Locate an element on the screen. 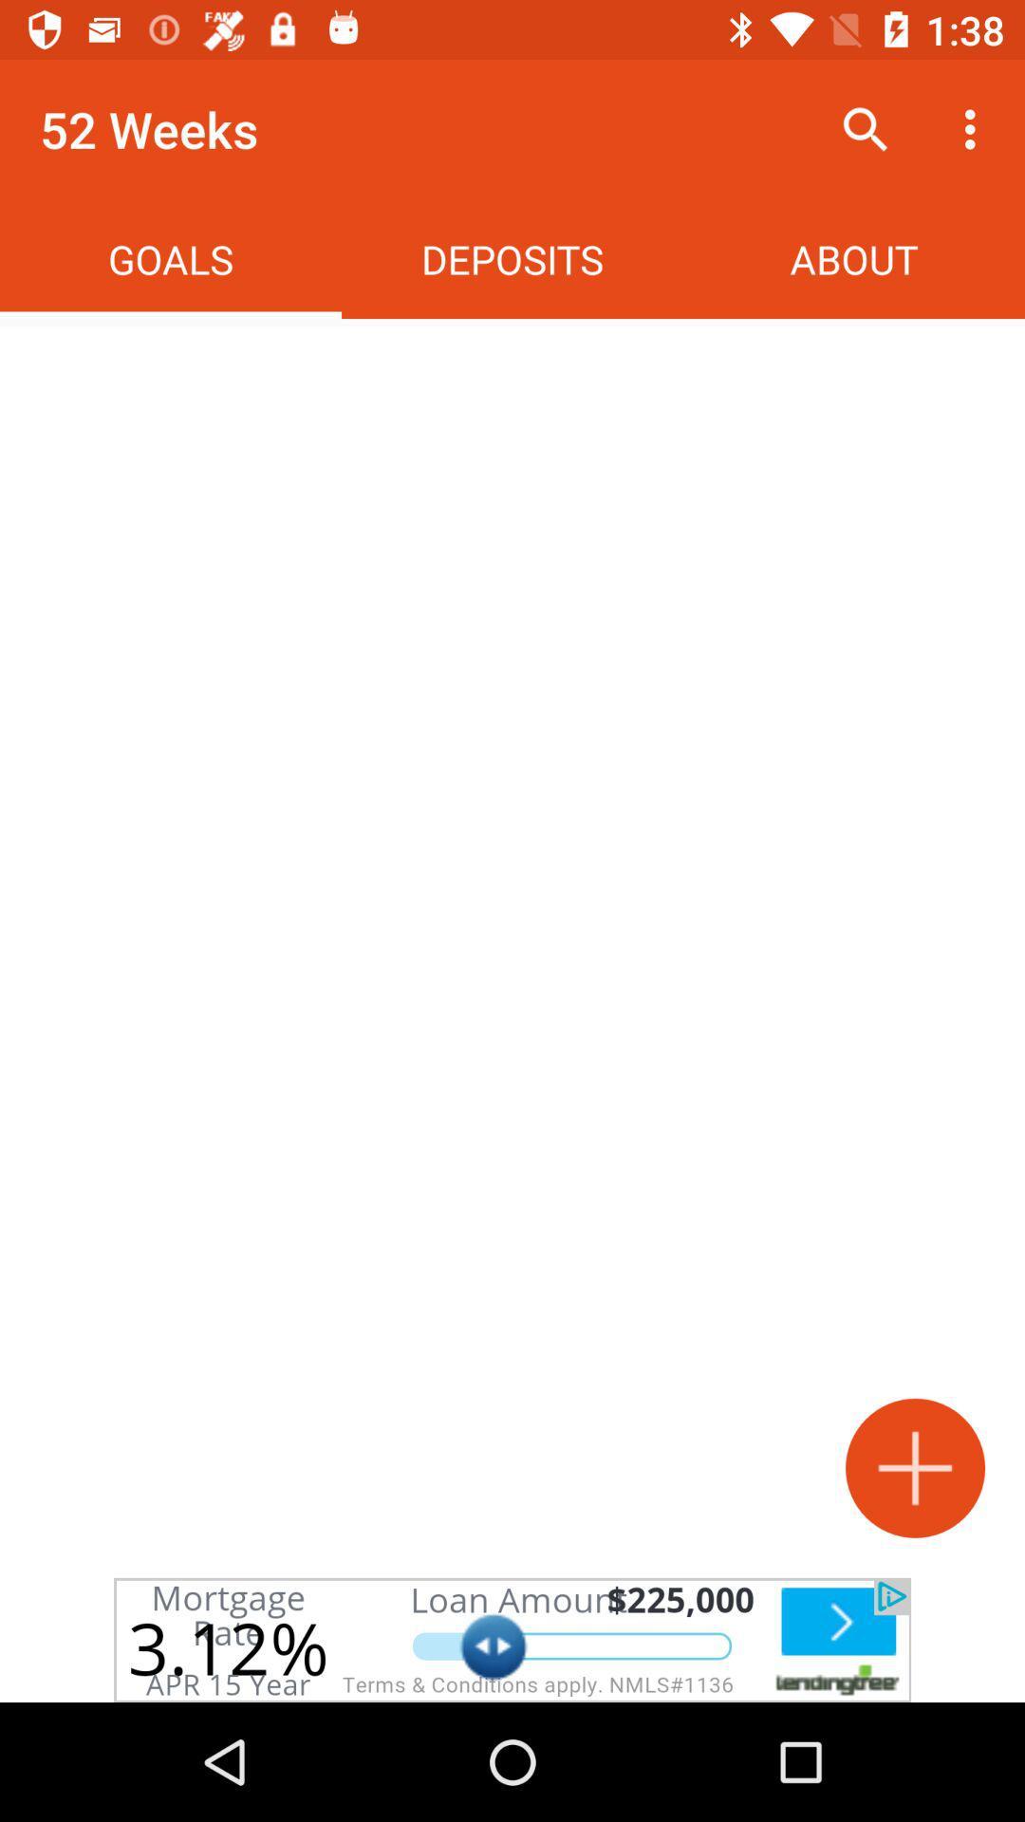 Image resolution: width=1025 pixels, height=1822 pixels. the advertisement is located at coordinates (512, 1639).